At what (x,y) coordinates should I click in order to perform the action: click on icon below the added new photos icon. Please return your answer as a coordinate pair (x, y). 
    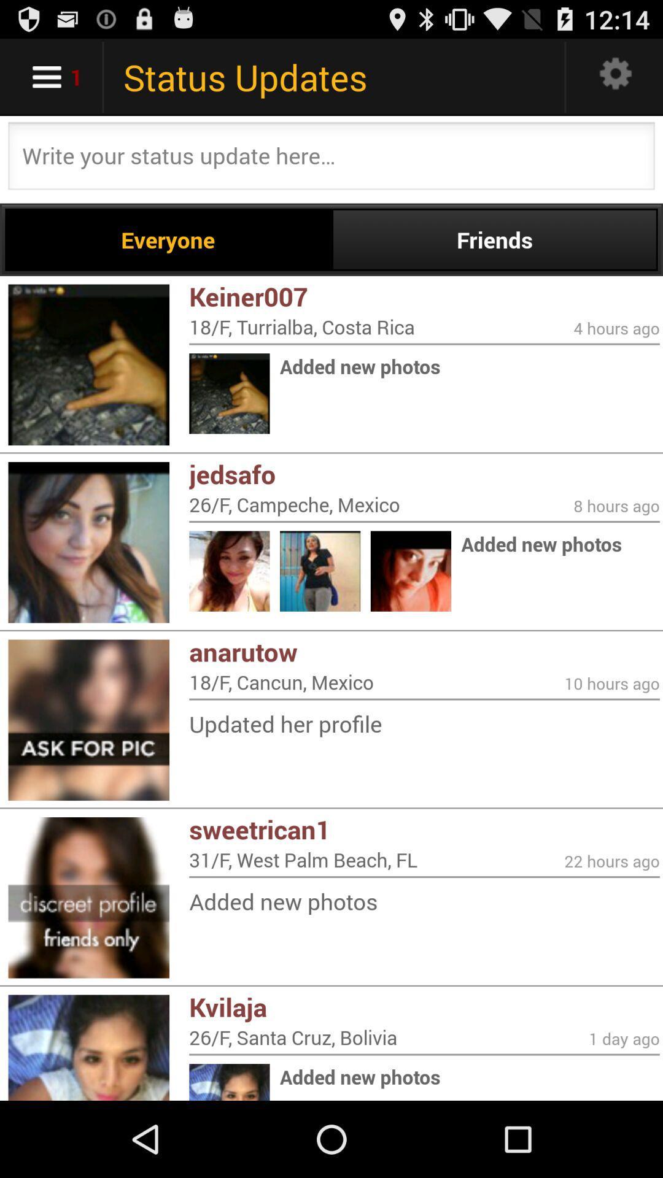
    Looking at the image, I should click on (424, 1007).